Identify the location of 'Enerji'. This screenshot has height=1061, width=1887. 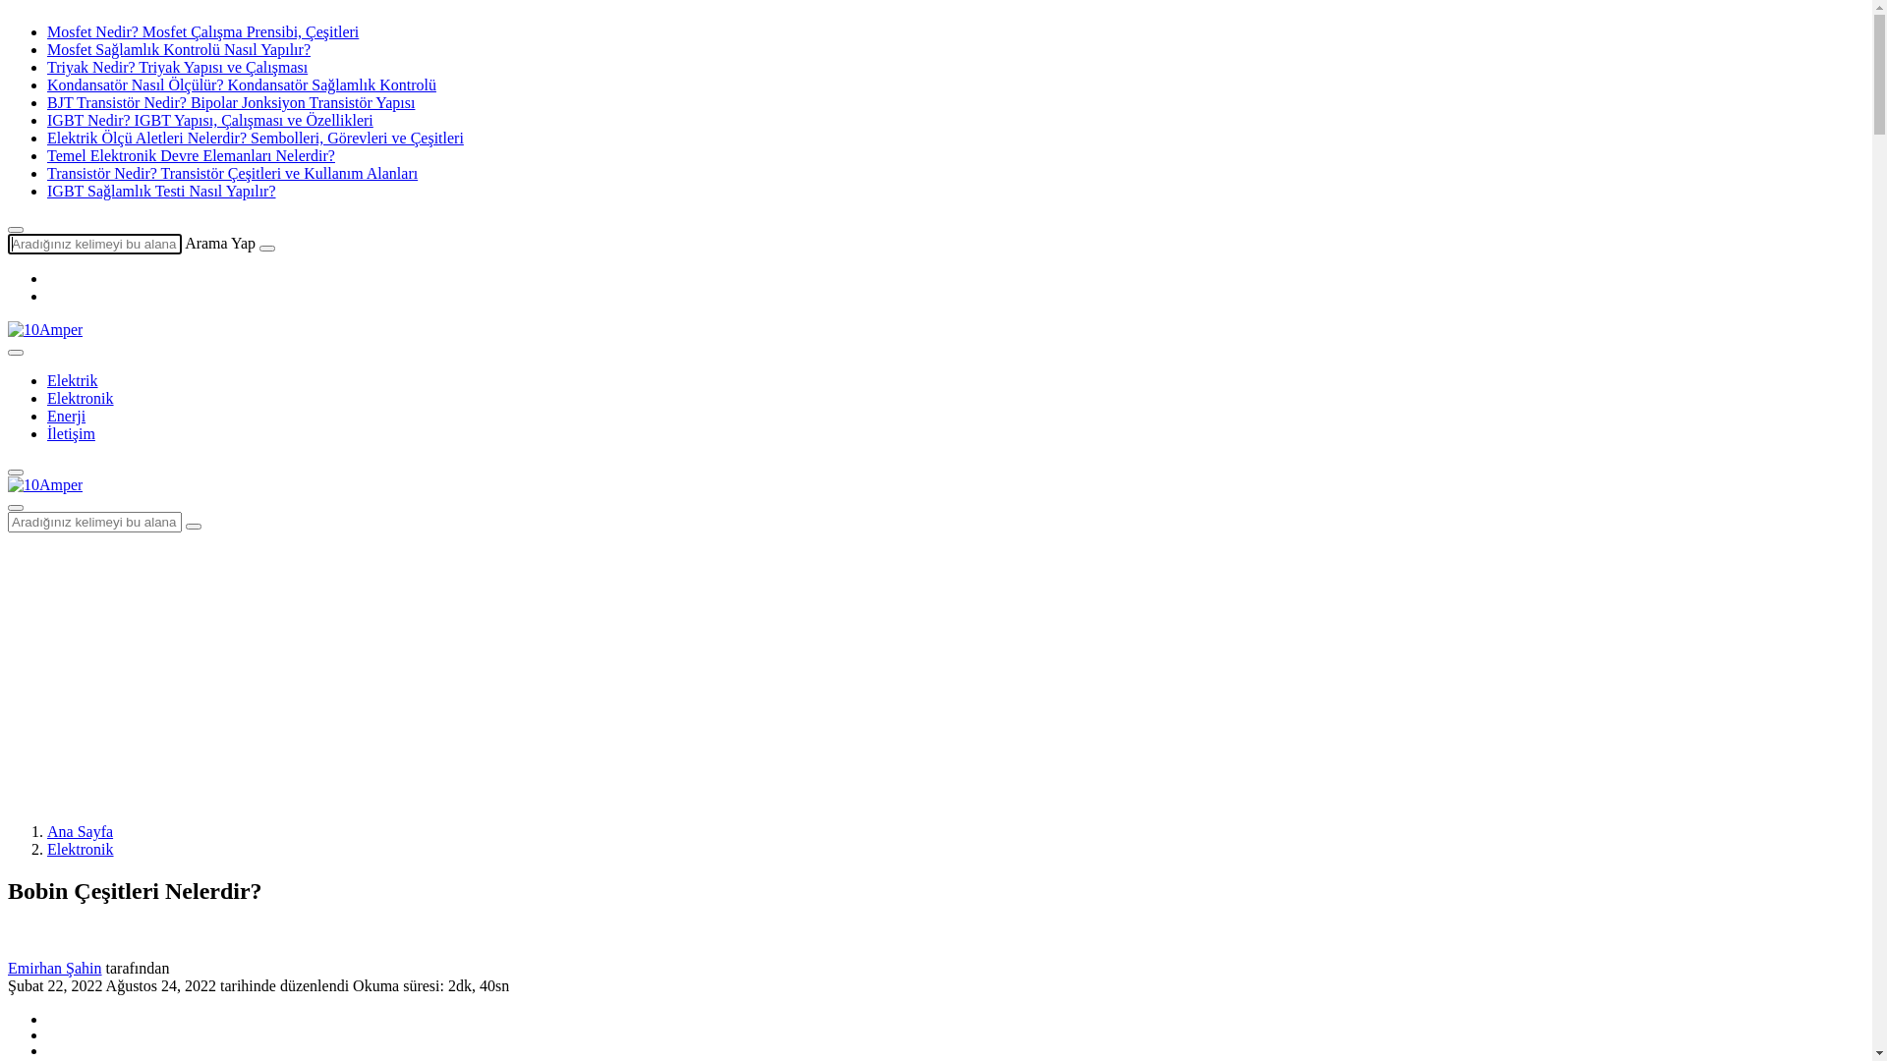
(66, 415).